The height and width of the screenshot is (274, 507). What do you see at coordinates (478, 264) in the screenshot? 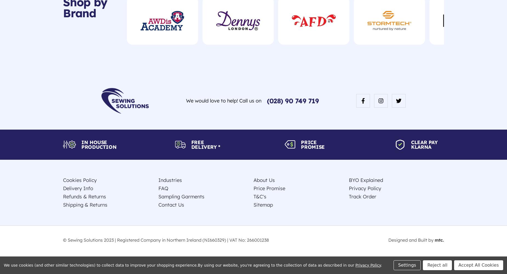
I see `'Accept All Cookies'` at bounding box center [478, 264].